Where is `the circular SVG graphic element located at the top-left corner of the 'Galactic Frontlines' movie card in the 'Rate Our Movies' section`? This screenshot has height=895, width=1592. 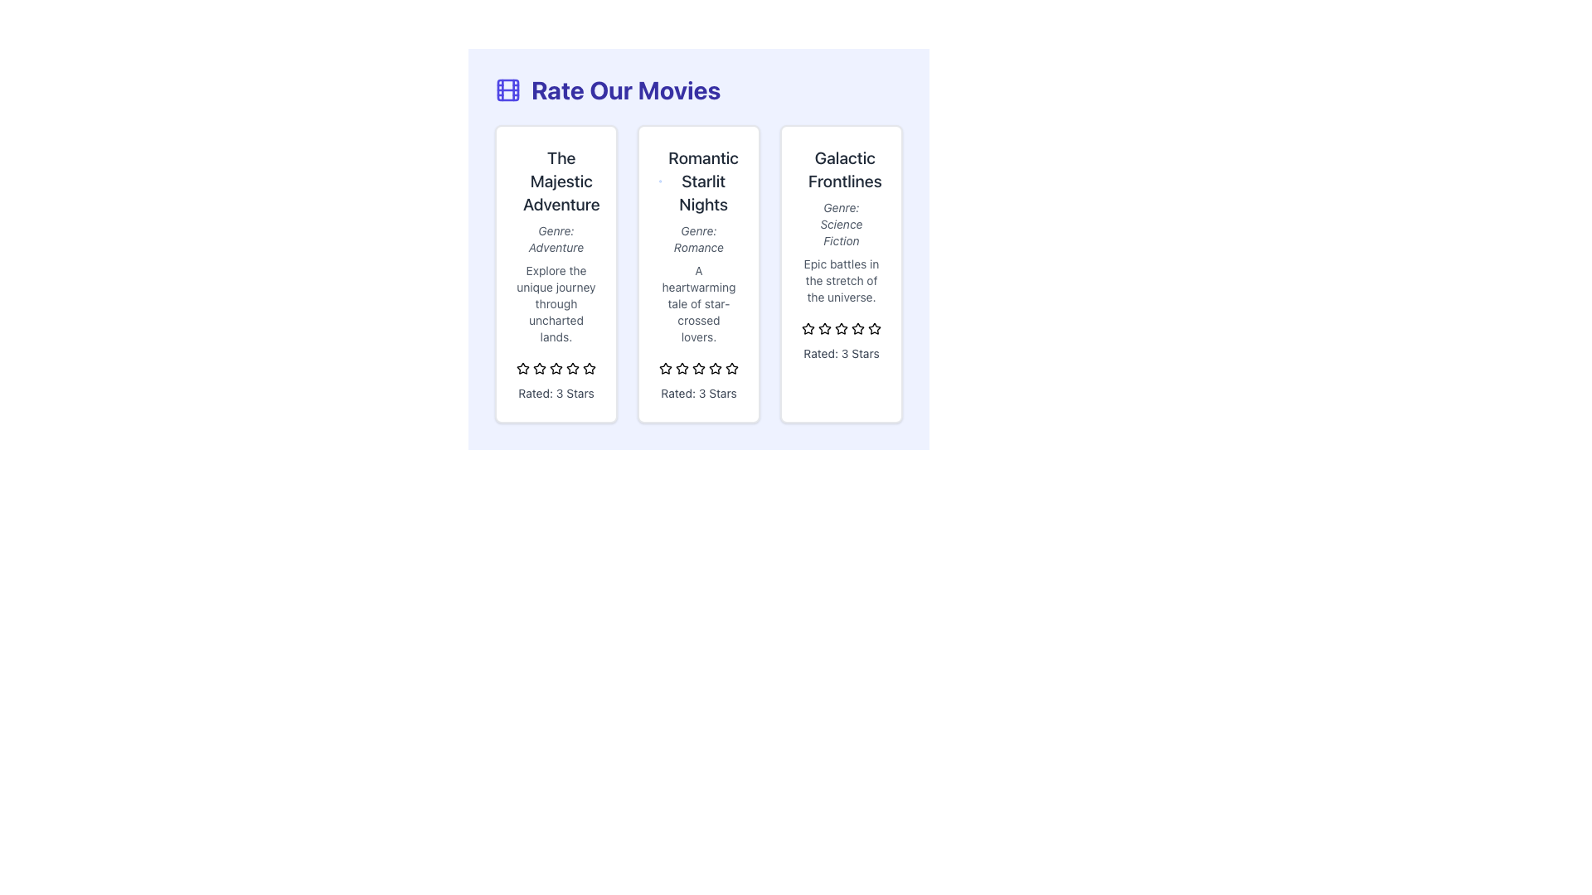 the circular SVG graphic element located at the top-left corner of the 'Galactic Frontlines' movie card in the 'Rate Our Movies' section is located at coordinates (812, 172).